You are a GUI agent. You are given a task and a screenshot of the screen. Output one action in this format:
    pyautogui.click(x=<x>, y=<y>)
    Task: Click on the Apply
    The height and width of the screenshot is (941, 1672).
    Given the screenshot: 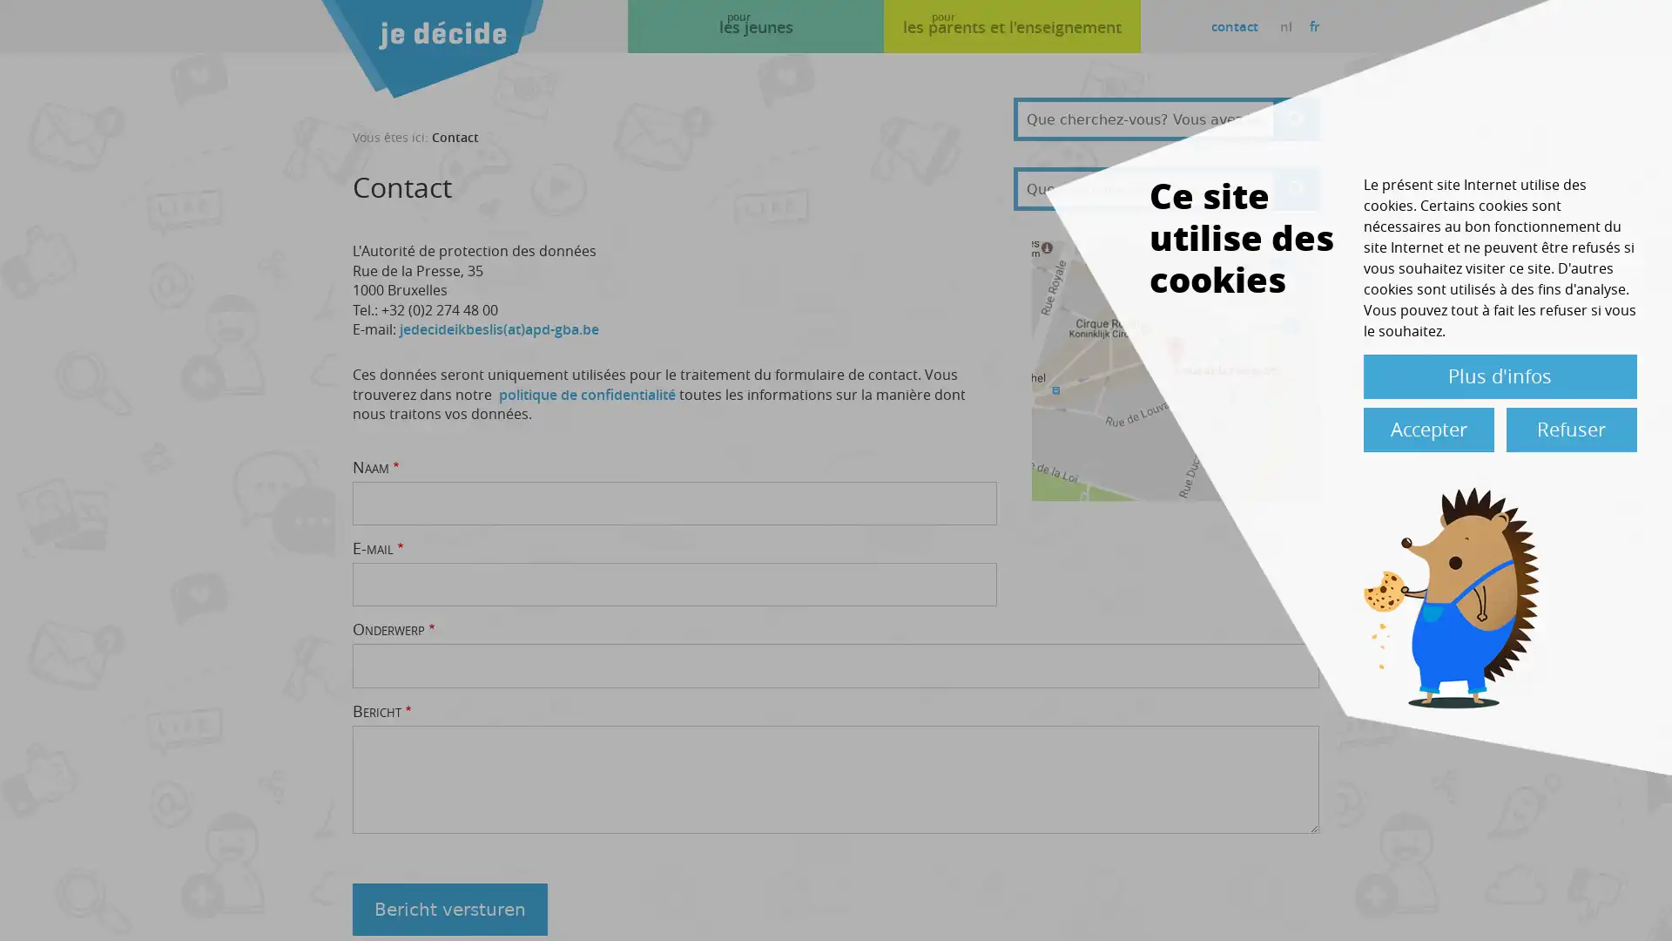 What is the action you would take?
    pyautogui.click(x=1296, y=188)
    